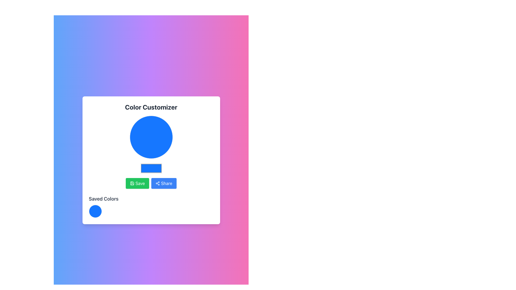  What do you see at coordinates (151, 211) in the screenshot?
I see `the first interactive element in the 'Saved Colors' section` at bounding box center [151, 211].